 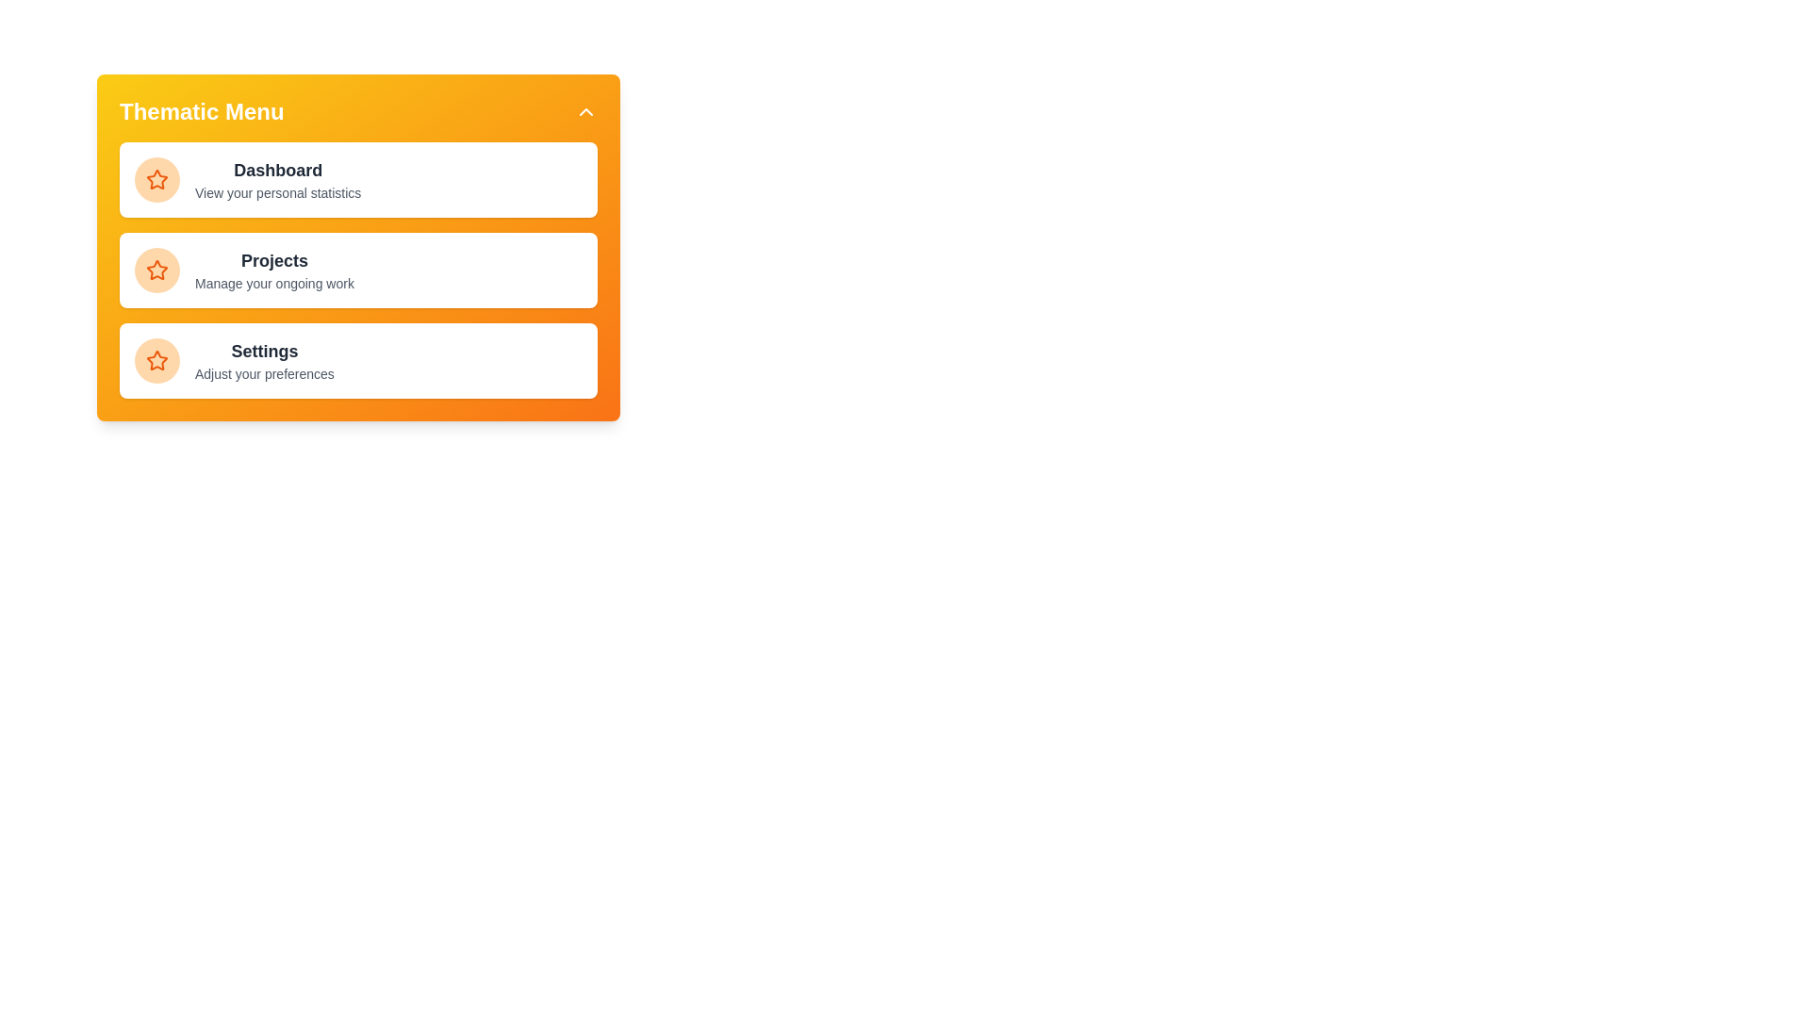 What do you see at coordinates (157, 270) in the screenshot?
I see `the icon next to the menu item Projects` at bounding box center [157, 270].